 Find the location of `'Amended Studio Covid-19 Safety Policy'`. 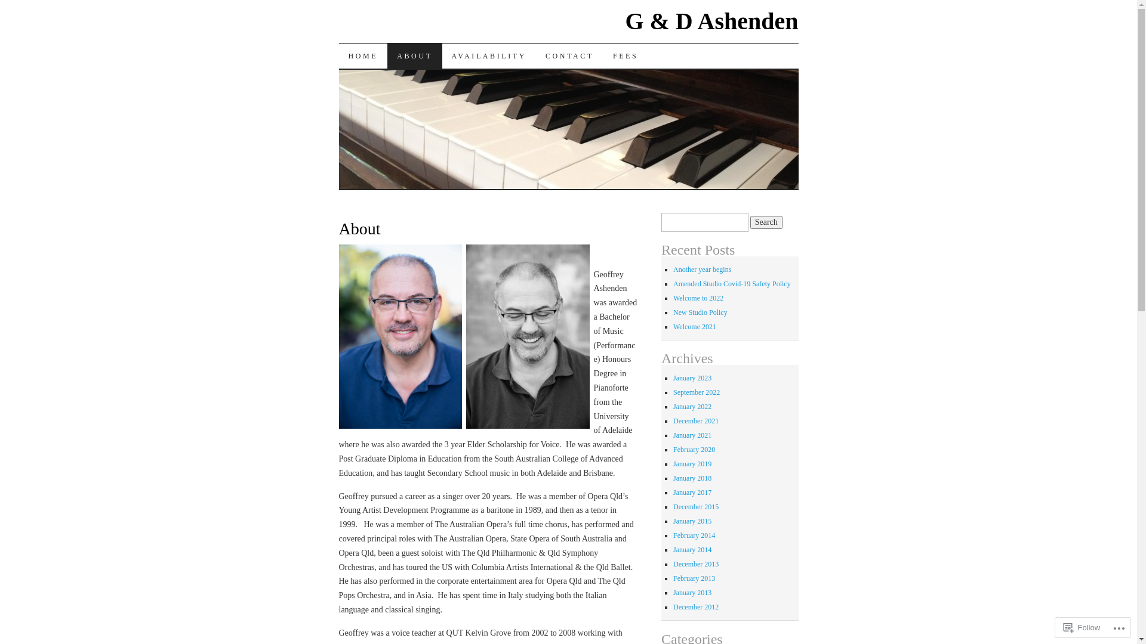

'Amended Studio Covid-19 Safety Policy' is located at coordinates (731, 283).